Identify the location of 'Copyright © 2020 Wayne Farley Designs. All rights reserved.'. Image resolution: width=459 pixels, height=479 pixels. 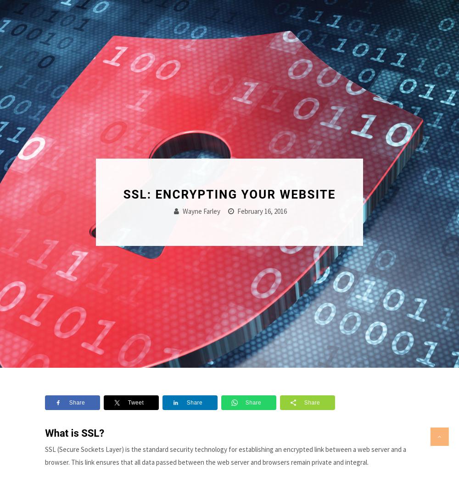
(229, 435).